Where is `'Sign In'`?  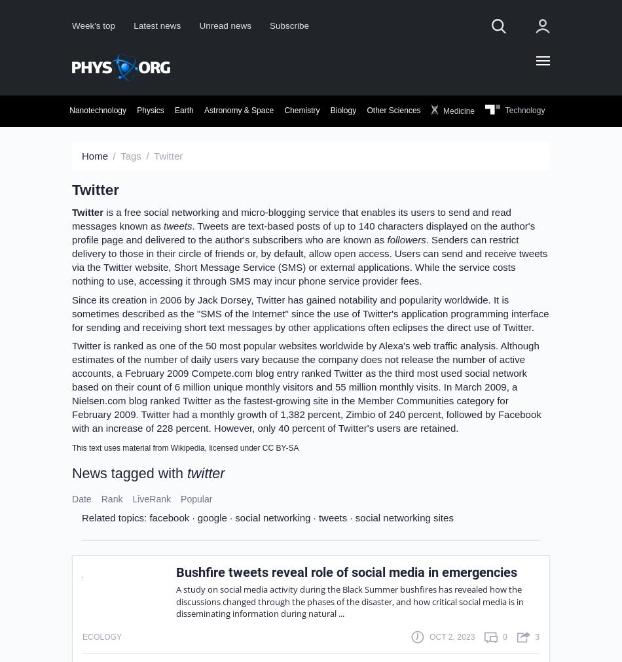
'Sign In' is located at coordinates (400, 205).